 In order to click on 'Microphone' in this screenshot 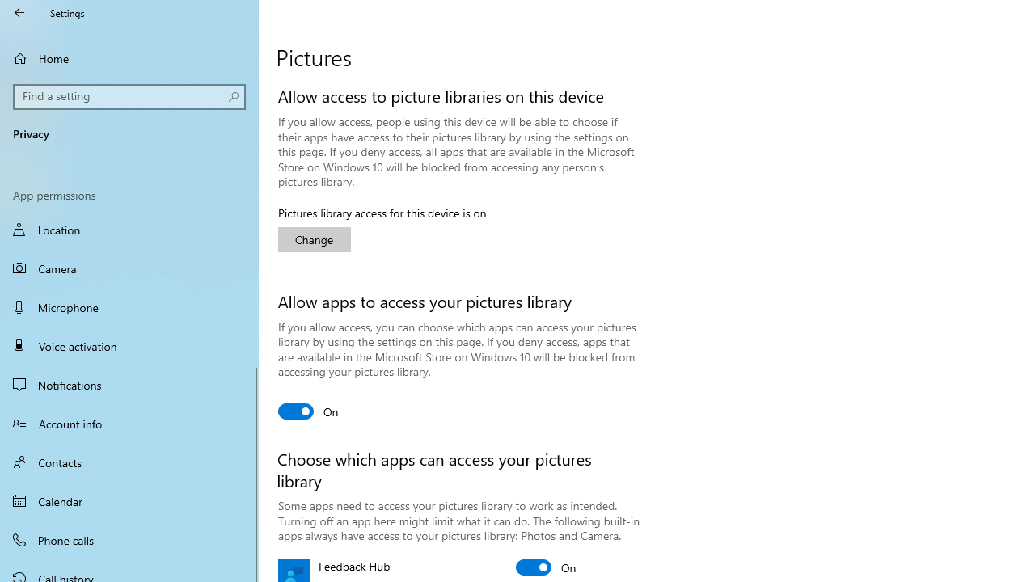, I will do `click(129, 306)`.